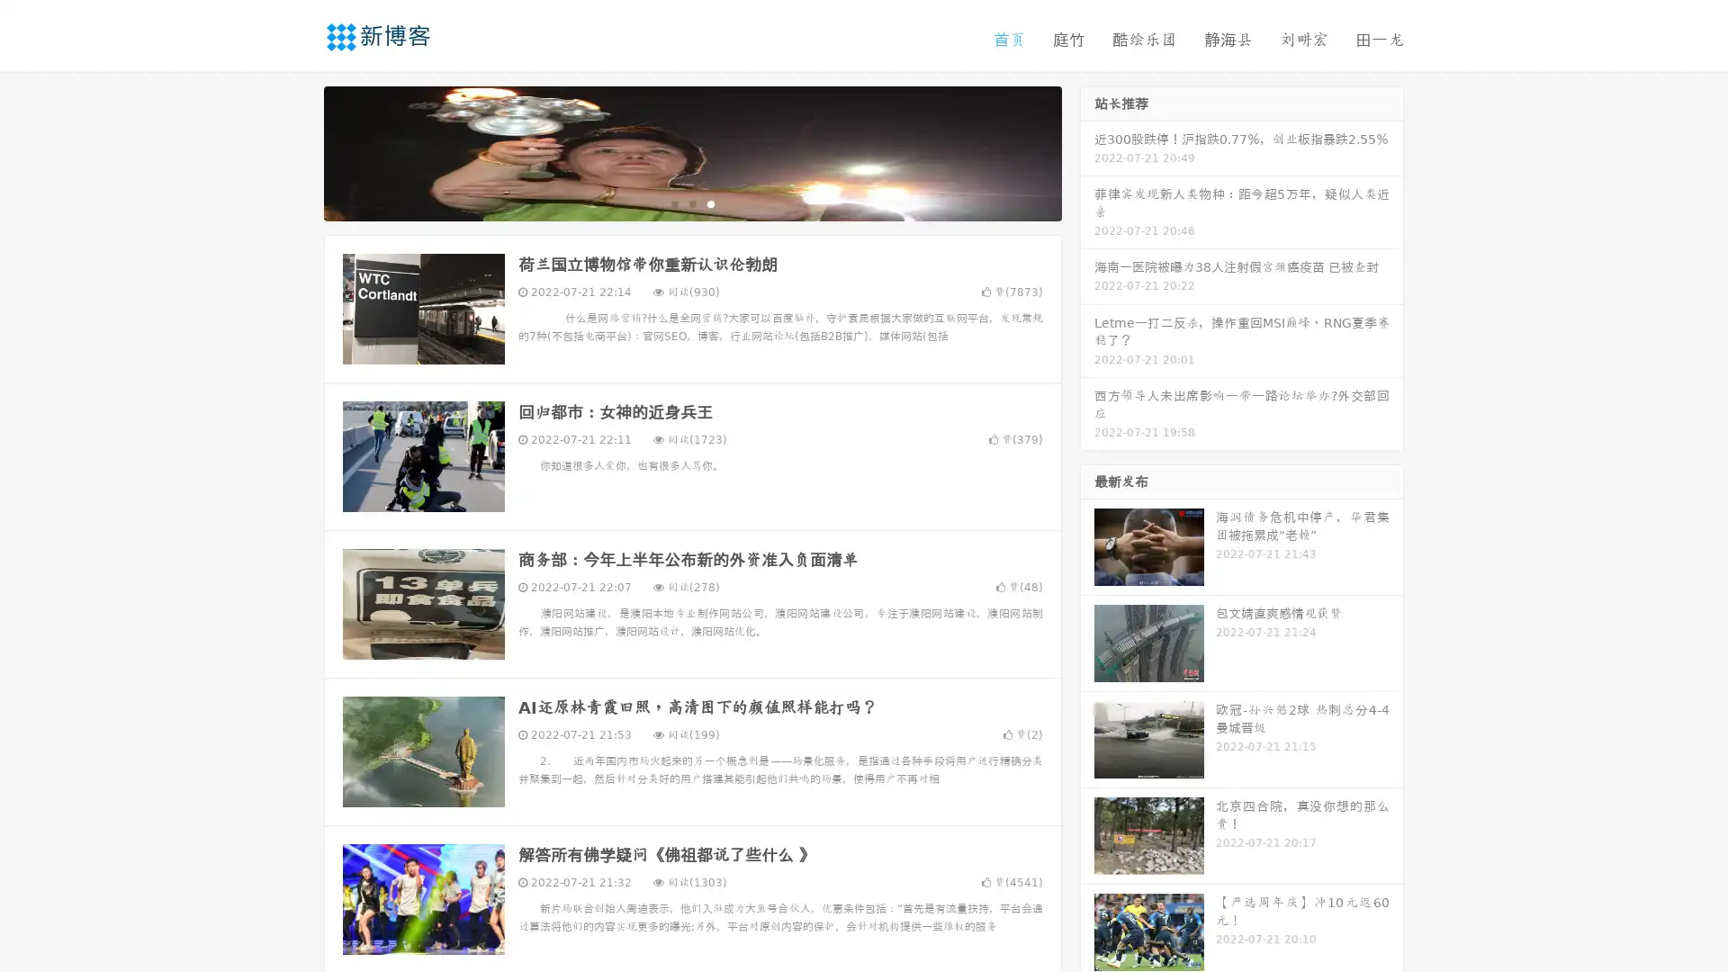 The width and height of the screenshot is (1728, 972). I want to click on Next slide, so click(1087, 151).